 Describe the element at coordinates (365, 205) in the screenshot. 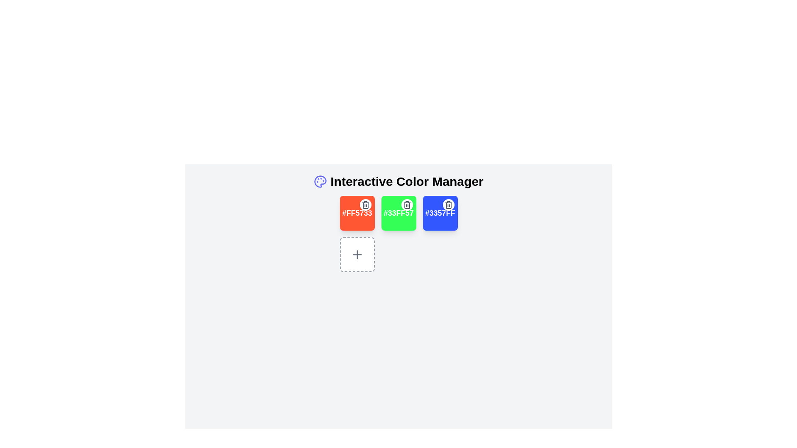

I see `the delete icon button located in the top-right corner of the green color card` at that location.